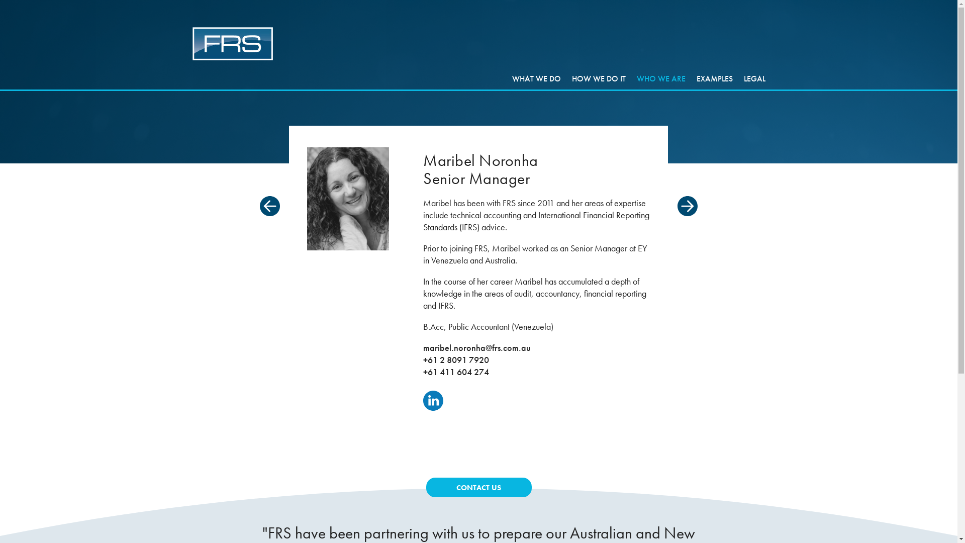  What do you see at coordinates (754, 78) in the screenshot?
I see `'LEGAL'` at bounding box center [754, 78].